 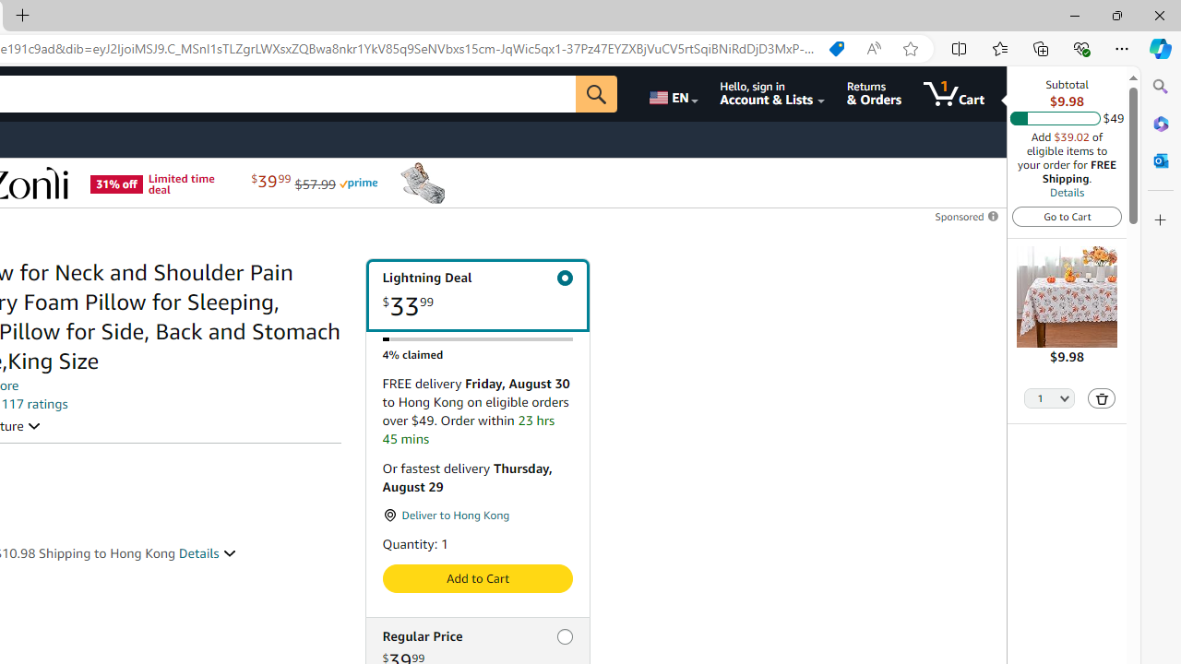 I want to click on 'Hello, sign in Account & Lists', so click(x=772, y=93).